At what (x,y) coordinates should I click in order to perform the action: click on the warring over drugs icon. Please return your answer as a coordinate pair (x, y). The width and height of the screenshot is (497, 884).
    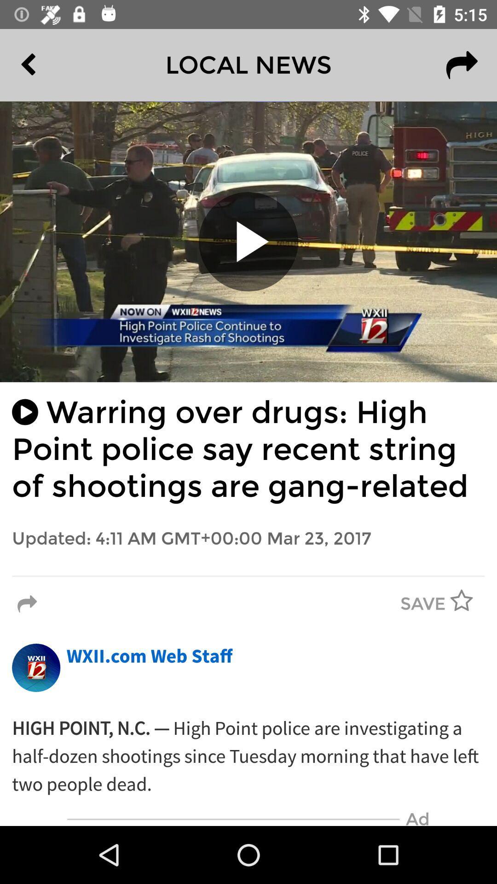
    Looking at the image, I should click on (248, 449).